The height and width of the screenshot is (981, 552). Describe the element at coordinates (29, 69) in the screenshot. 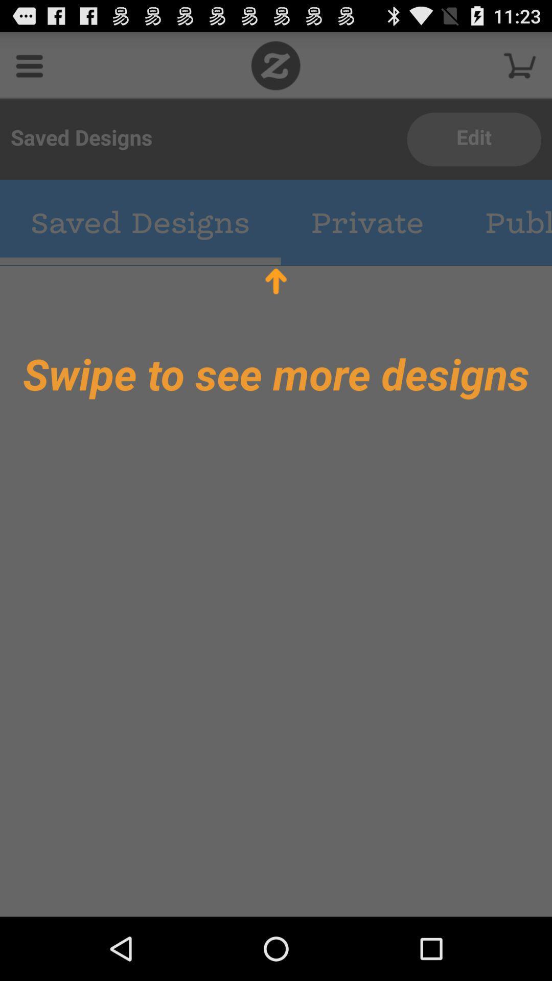

I see `the menu icon` at that location.